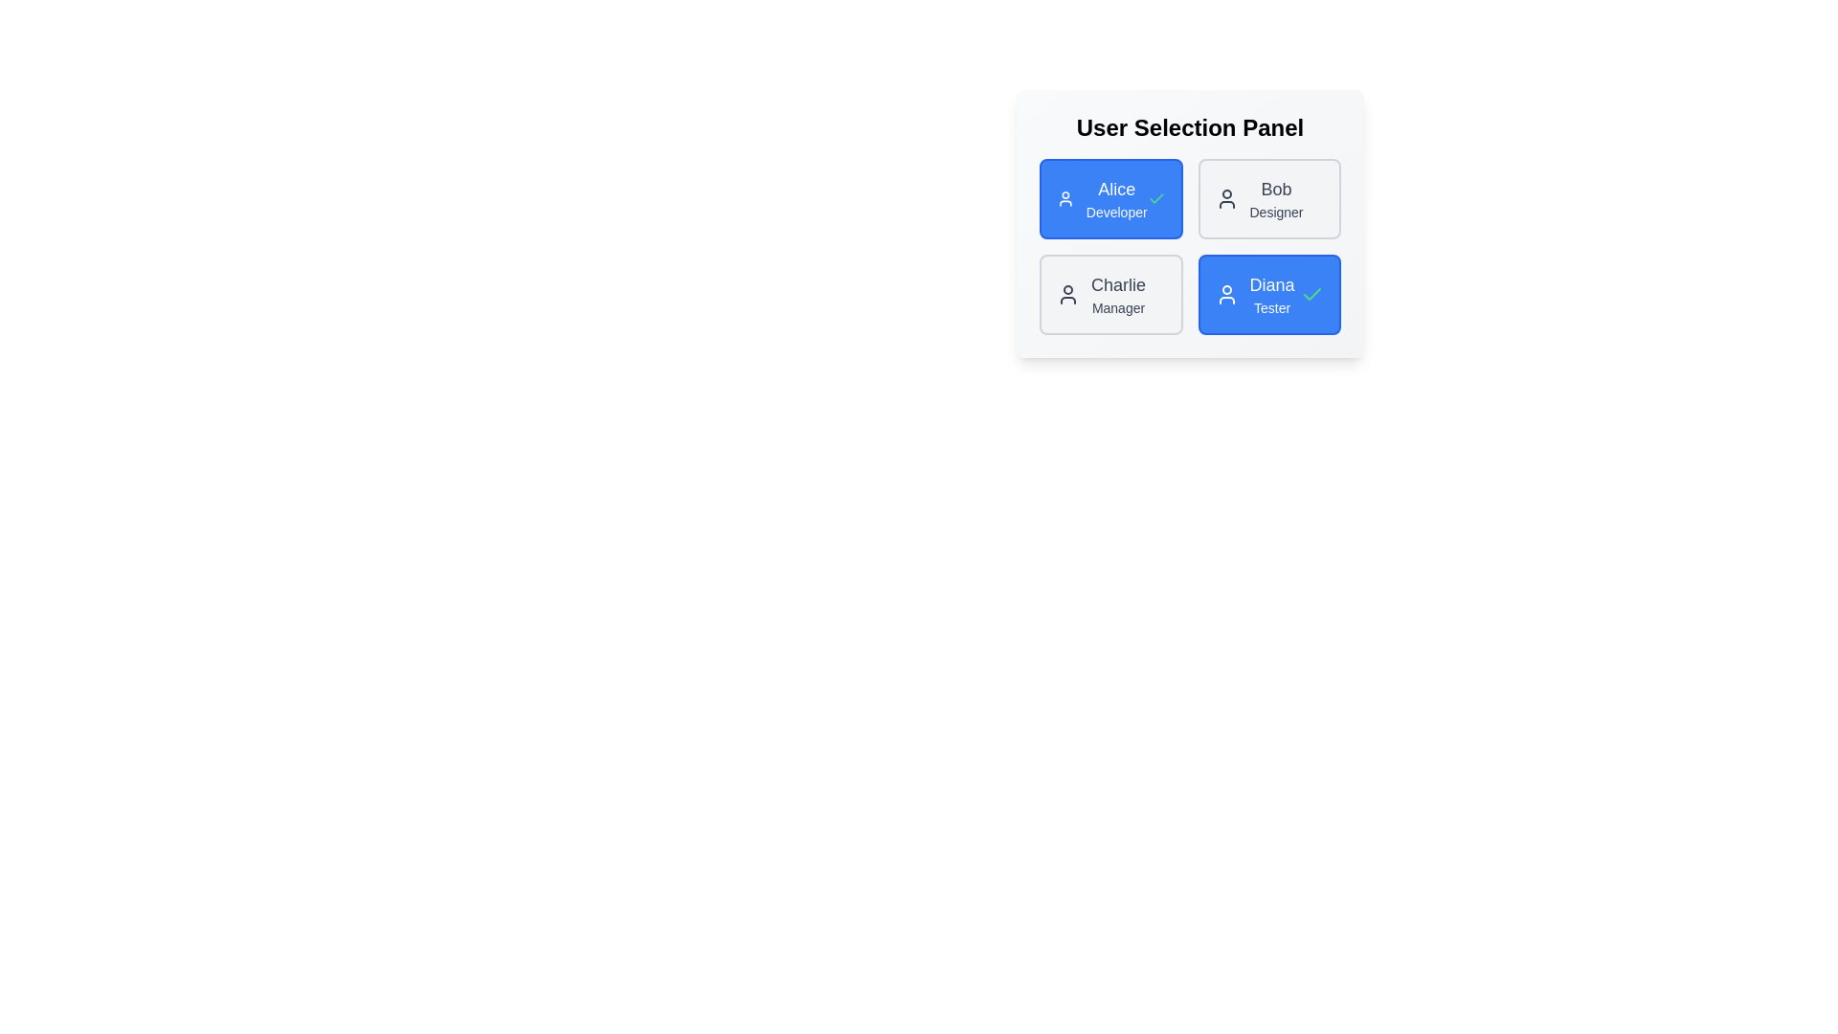 This screenshot has height=1034, width=1838. I want to click on the user chip corresponding to Charlie, so click(1110, 295).